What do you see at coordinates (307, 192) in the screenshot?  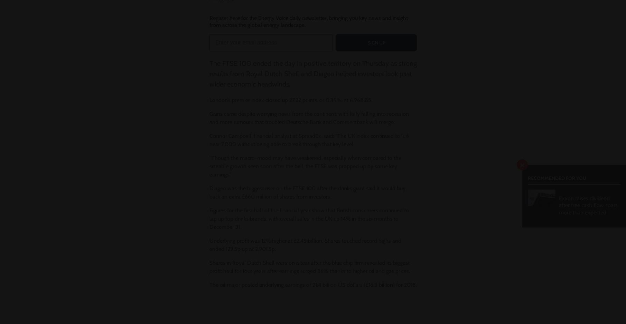 I see `'Diageo was the biggest riser on the FTSE 100 after the drinks giant said it would buy back an extra £660 million of shares from investors.'` at bounding box center [307, 192].